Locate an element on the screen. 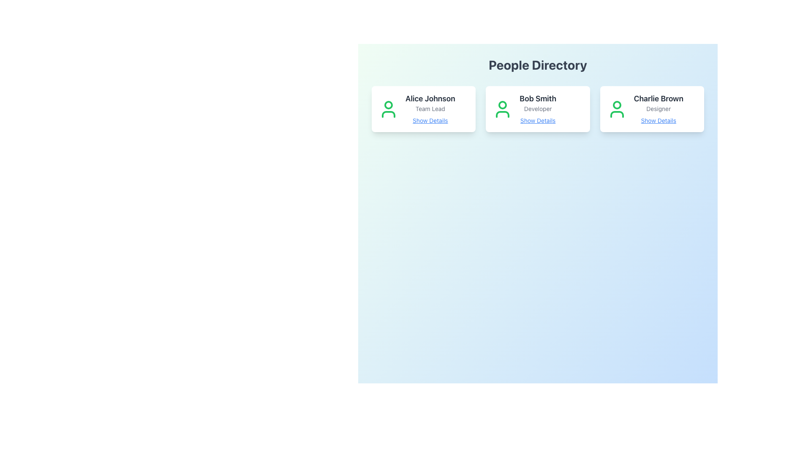 This screenshot has height=456, width=811. the text label displaying the name 'Alice Johnson' at the top of the first user card in the 'People Directory' section is located at coordinates (430, 98).